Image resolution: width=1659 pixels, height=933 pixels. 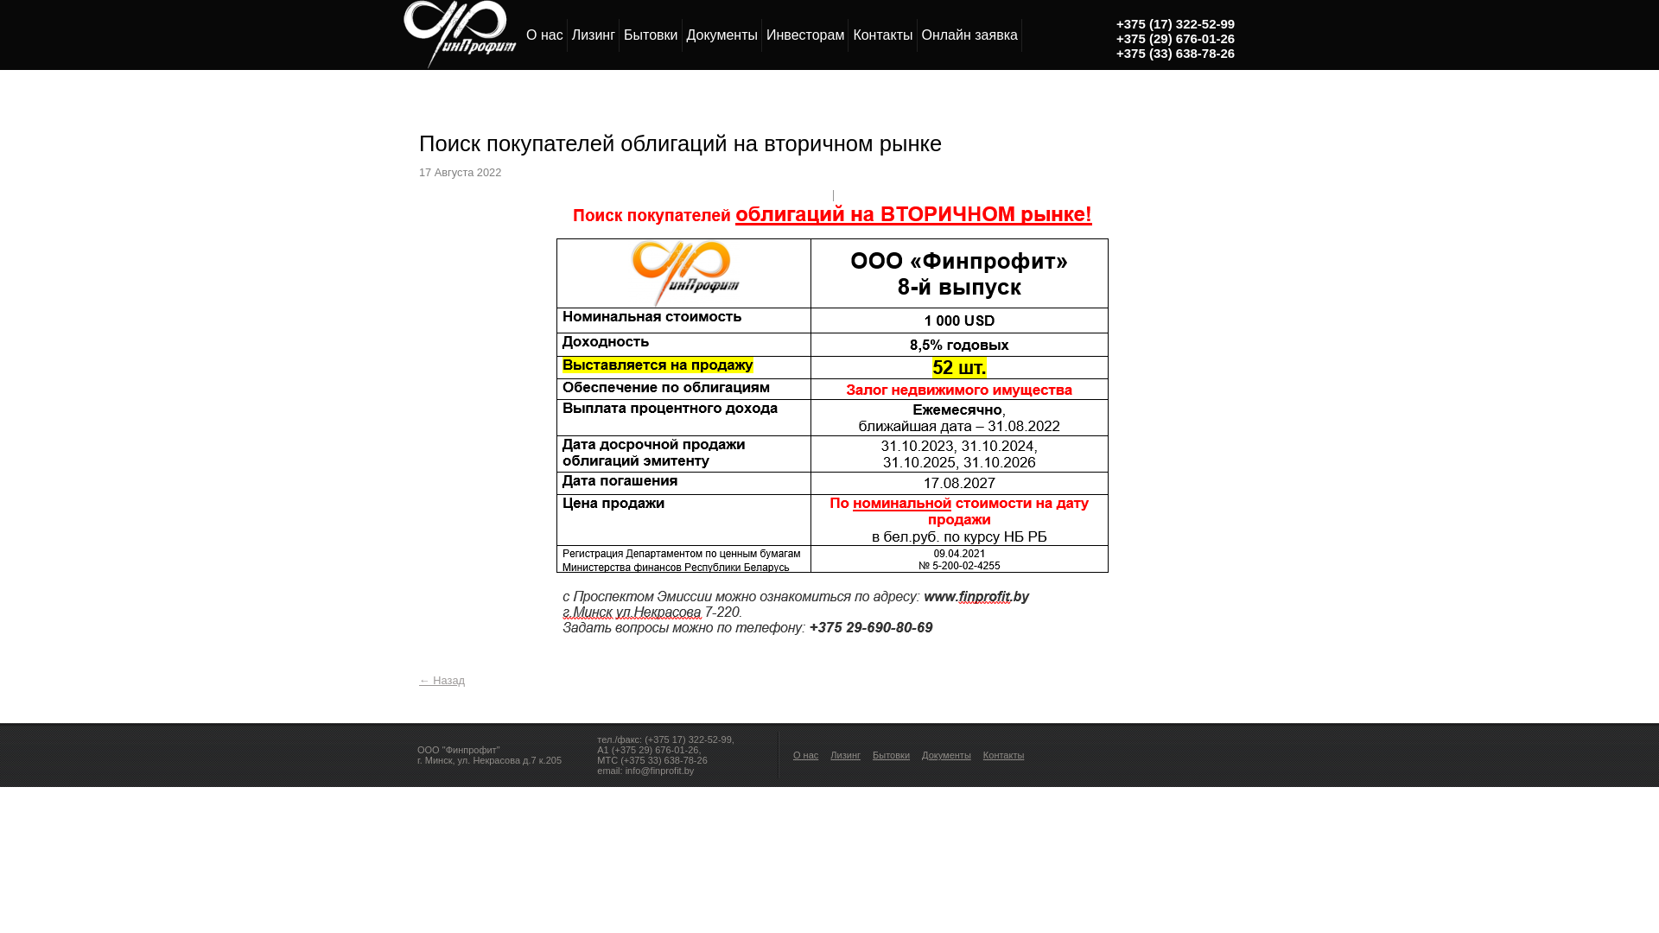 I want to click on '+375 (29) 676-01-26', so click(x=1175, y=38).